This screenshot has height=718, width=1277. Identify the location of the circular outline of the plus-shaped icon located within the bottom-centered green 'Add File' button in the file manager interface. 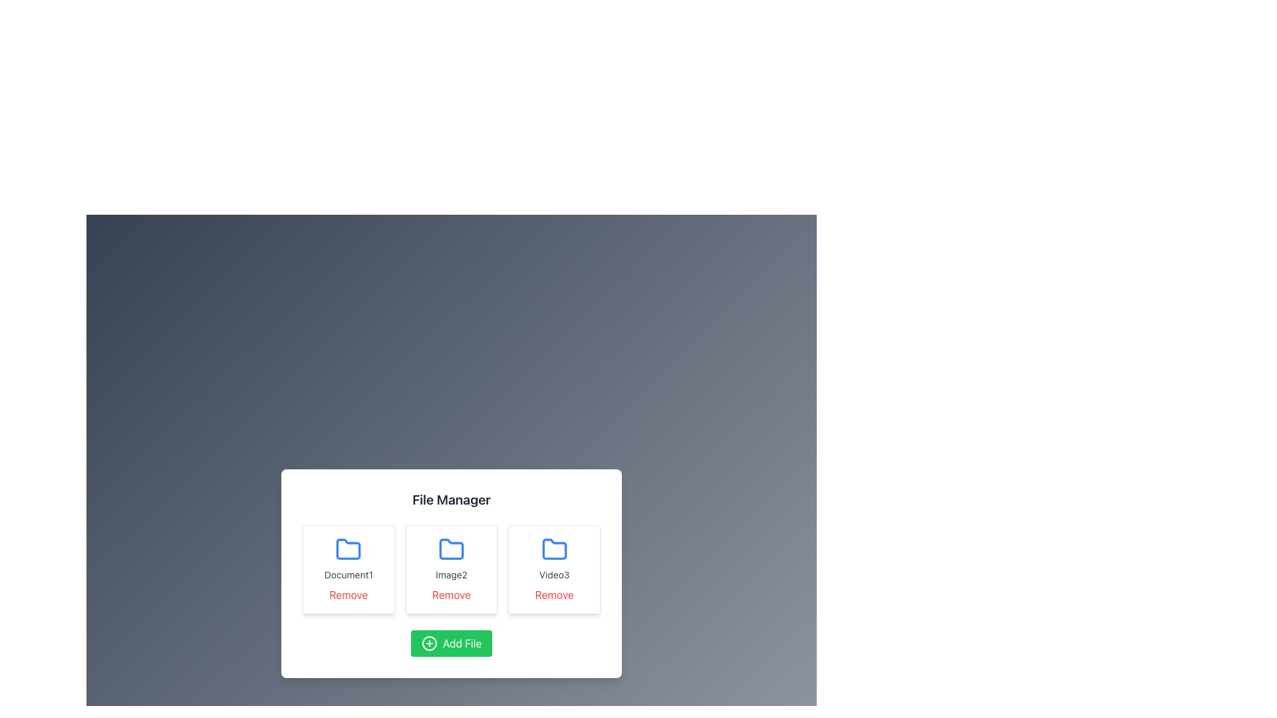
(429, 643).